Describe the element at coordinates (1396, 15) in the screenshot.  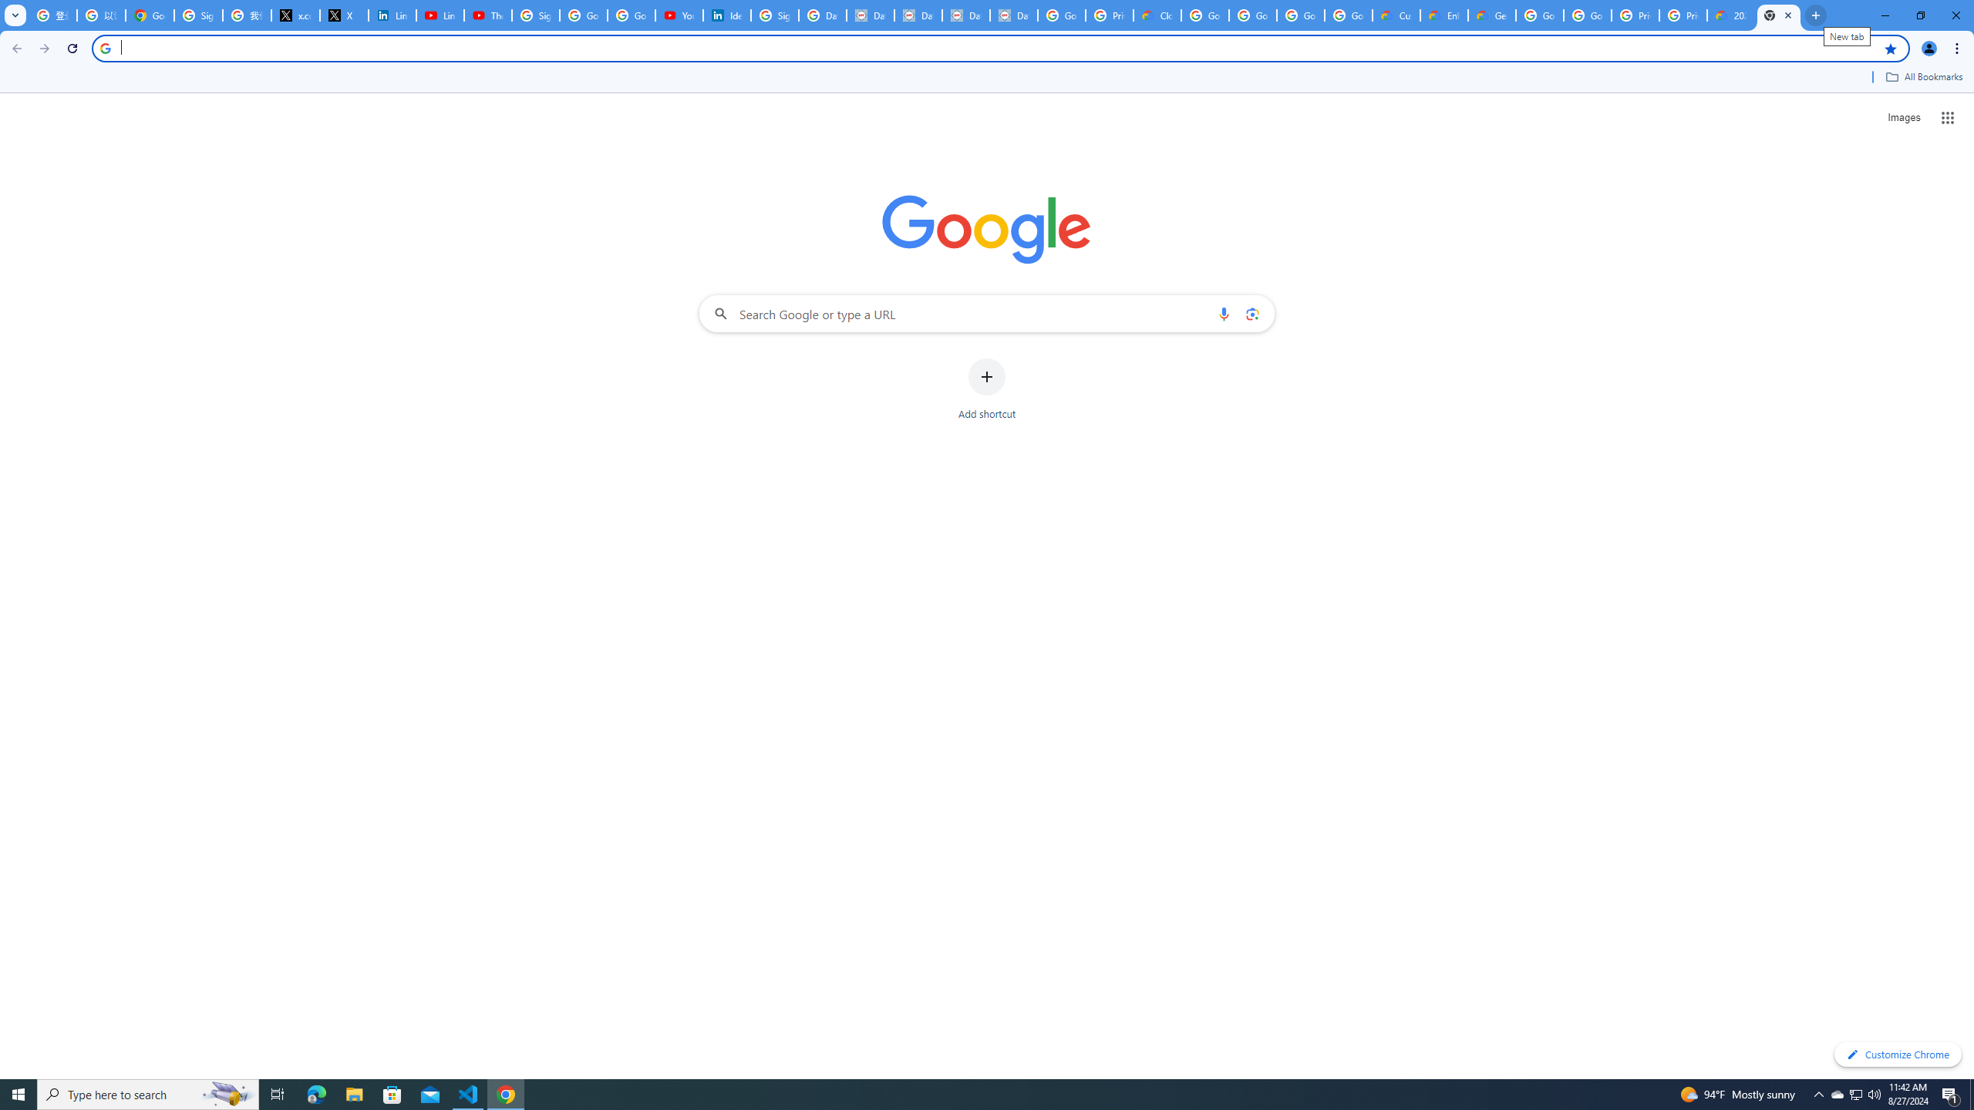
I see `'Customer Care | Google Cloud'` at that location.